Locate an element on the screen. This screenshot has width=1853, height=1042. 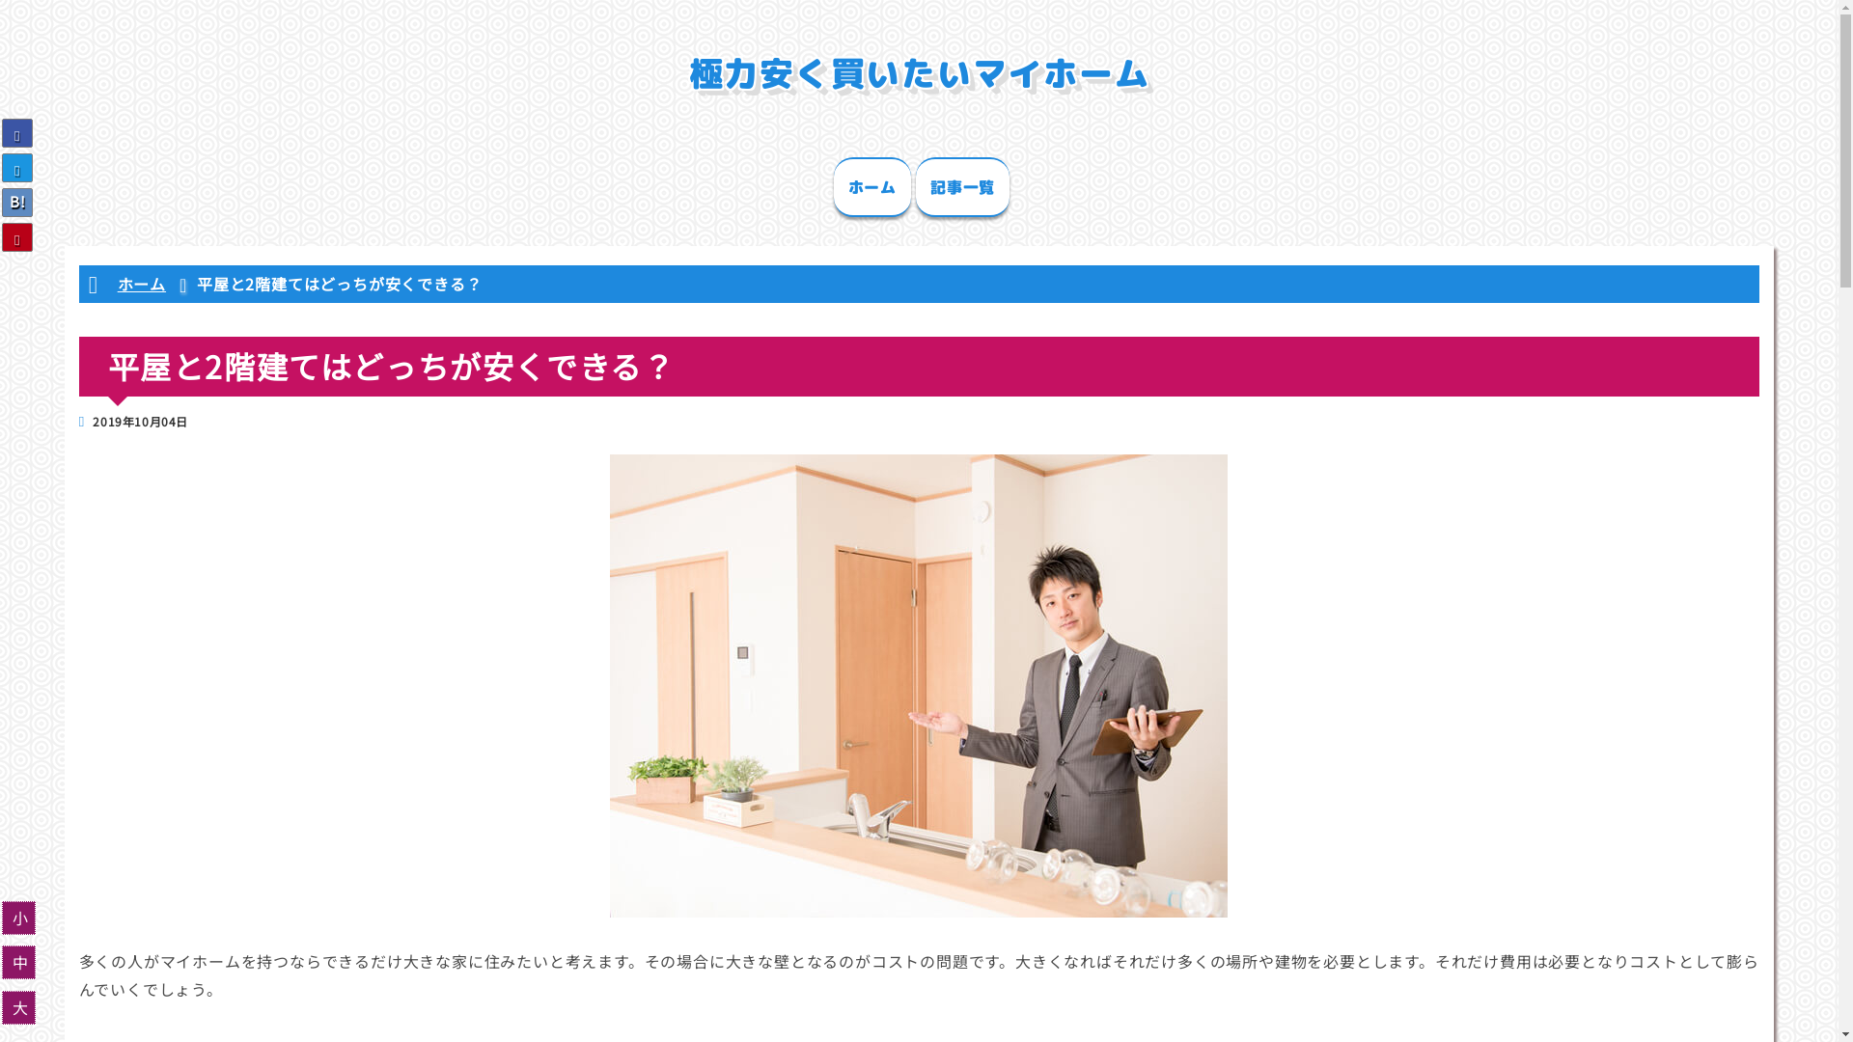
'B!' is located at coordinates (17, 202).